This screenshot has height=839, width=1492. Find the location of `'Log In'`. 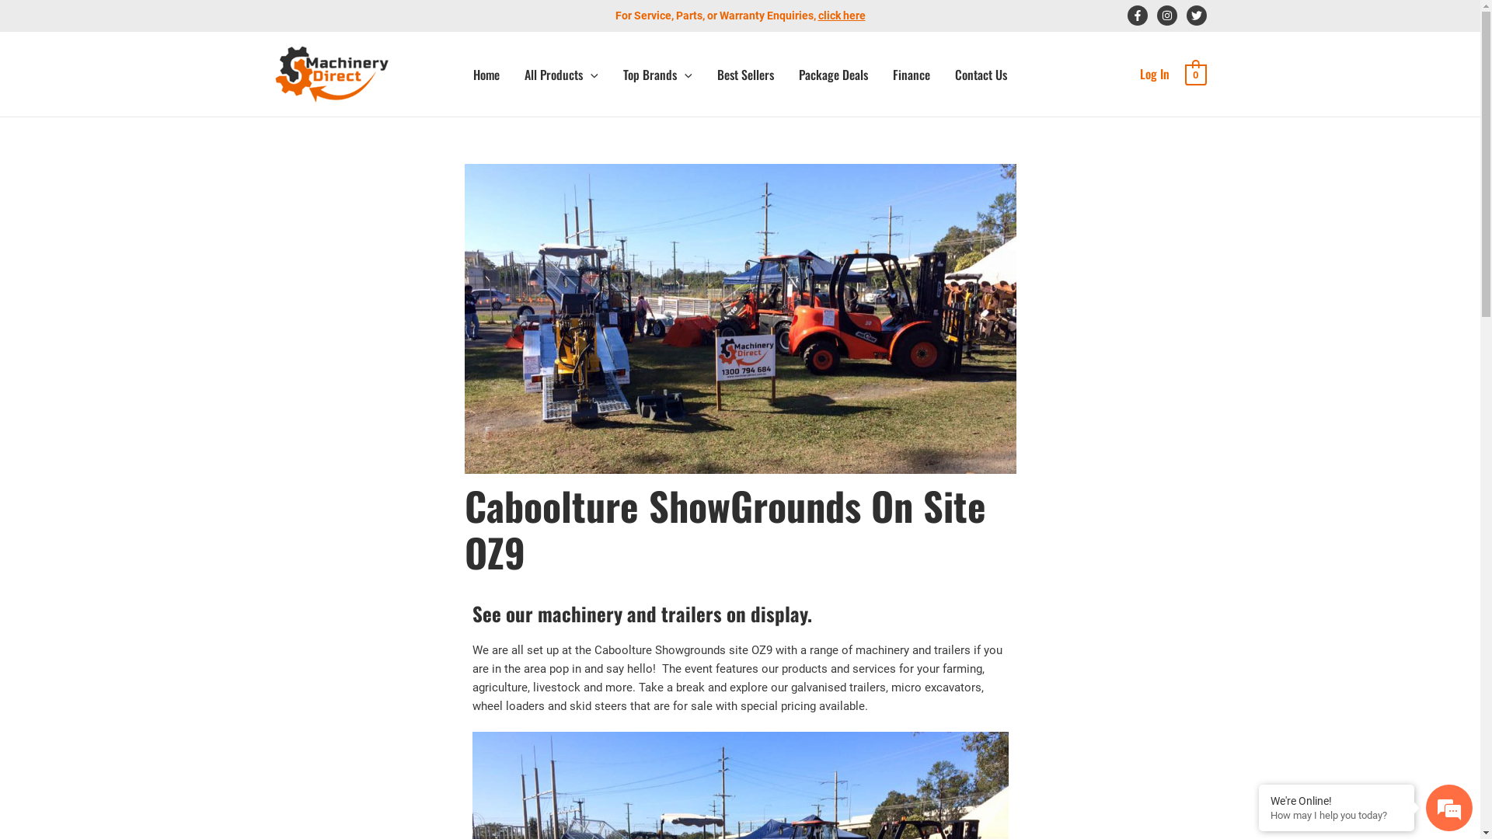

'Log In' is located at coordinates (1155, 74).